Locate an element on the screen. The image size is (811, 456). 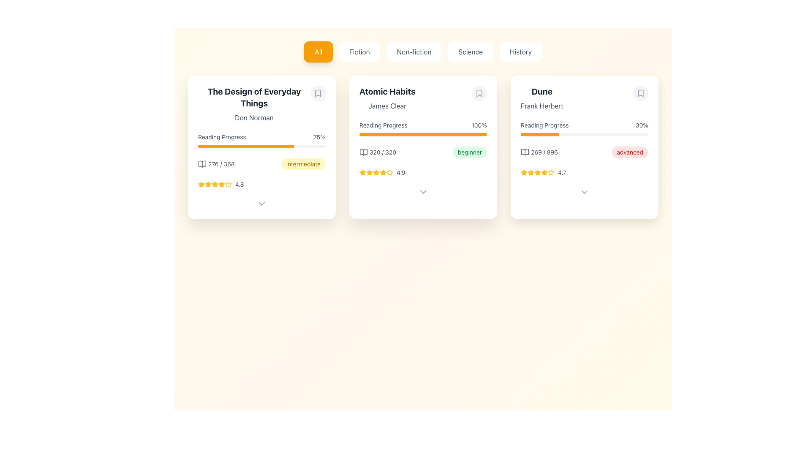
the fifth star-shaped rating indicator in the rating section of the 'Dune' card is located at coordinates (551, 172).